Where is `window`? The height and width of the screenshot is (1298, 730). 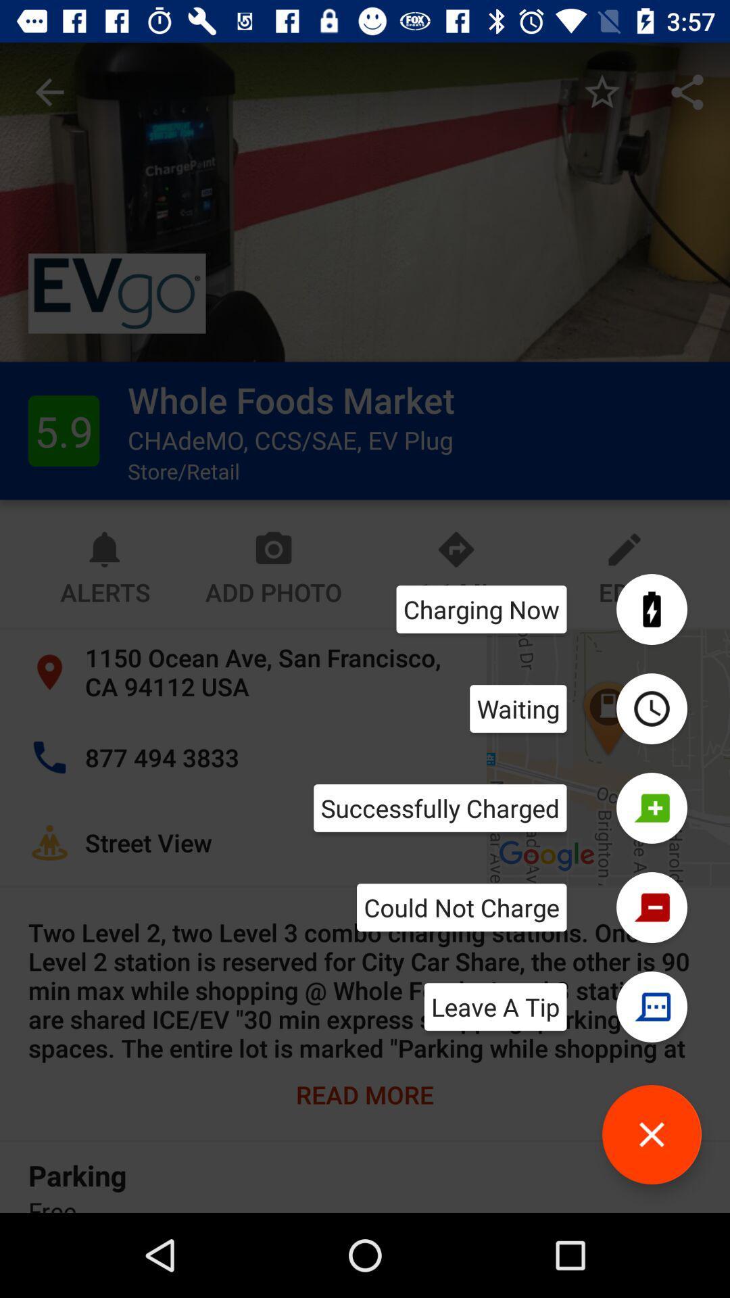
window is located at coordinates (651, 1134).